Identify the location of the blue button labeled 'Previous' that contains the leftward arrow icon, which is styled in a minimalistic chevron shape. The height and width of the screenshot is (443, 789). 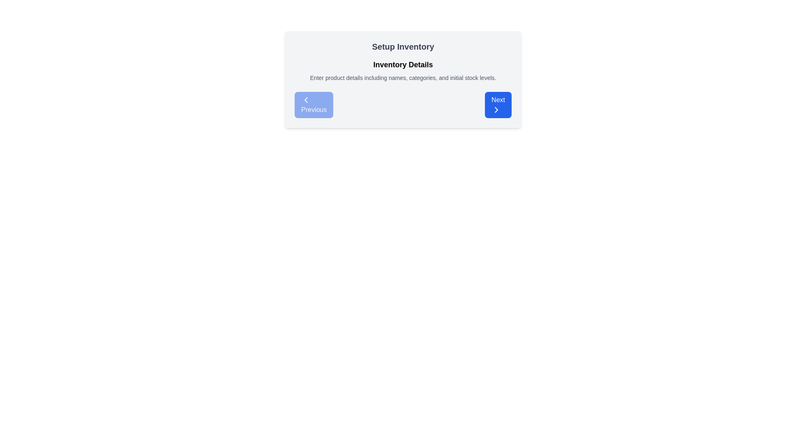
(305, 99).